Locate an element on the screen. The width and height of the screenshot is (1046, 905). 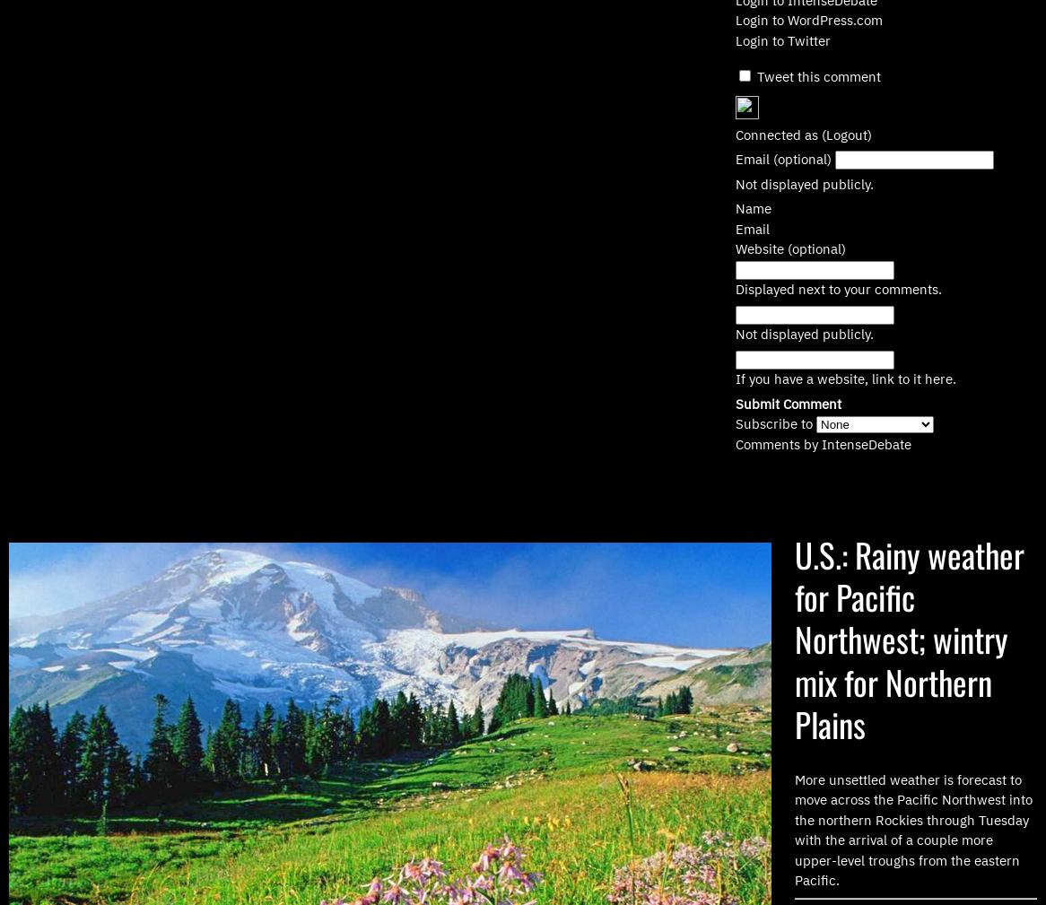
'Logout' is located at coordinates (846, 133).